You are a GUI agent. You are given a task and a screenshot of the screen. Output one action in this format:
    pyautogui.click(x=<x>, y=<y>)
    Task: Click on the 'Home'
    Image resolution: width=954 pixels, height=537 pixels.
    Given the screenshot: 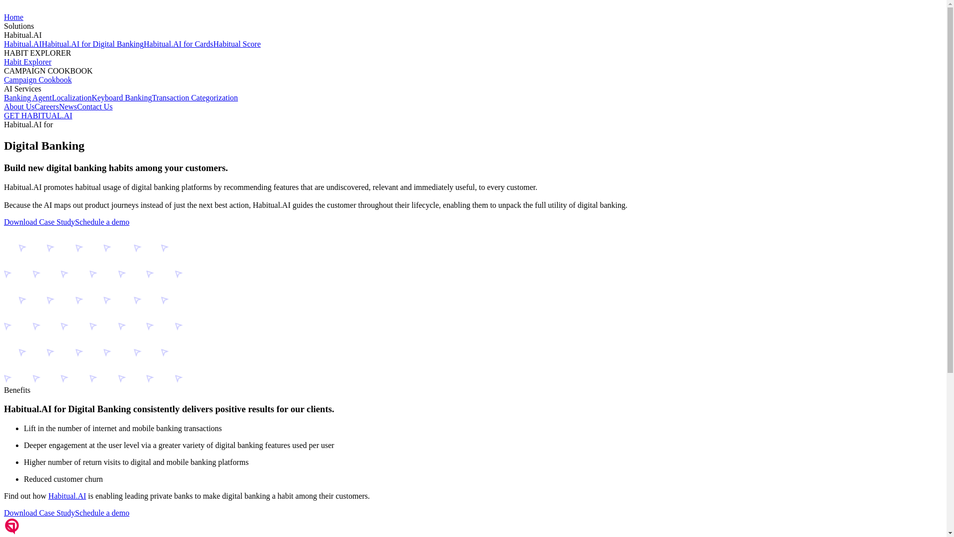 What is the action you would take?
    pyautogui.click(x=13, y=17)
    